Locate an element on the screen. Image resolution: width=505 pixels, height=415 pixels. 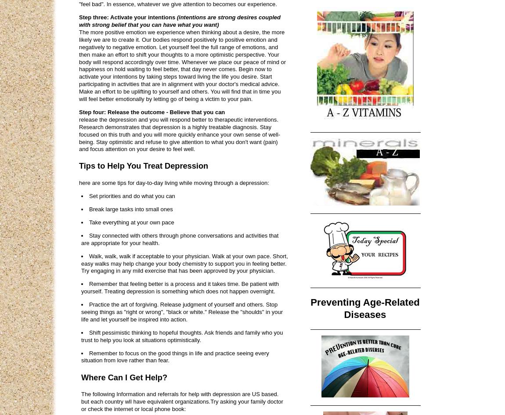
'Stay connected with others through phone conversations and activities that are appropriate for your health.' is located at coordinates (180, 239).